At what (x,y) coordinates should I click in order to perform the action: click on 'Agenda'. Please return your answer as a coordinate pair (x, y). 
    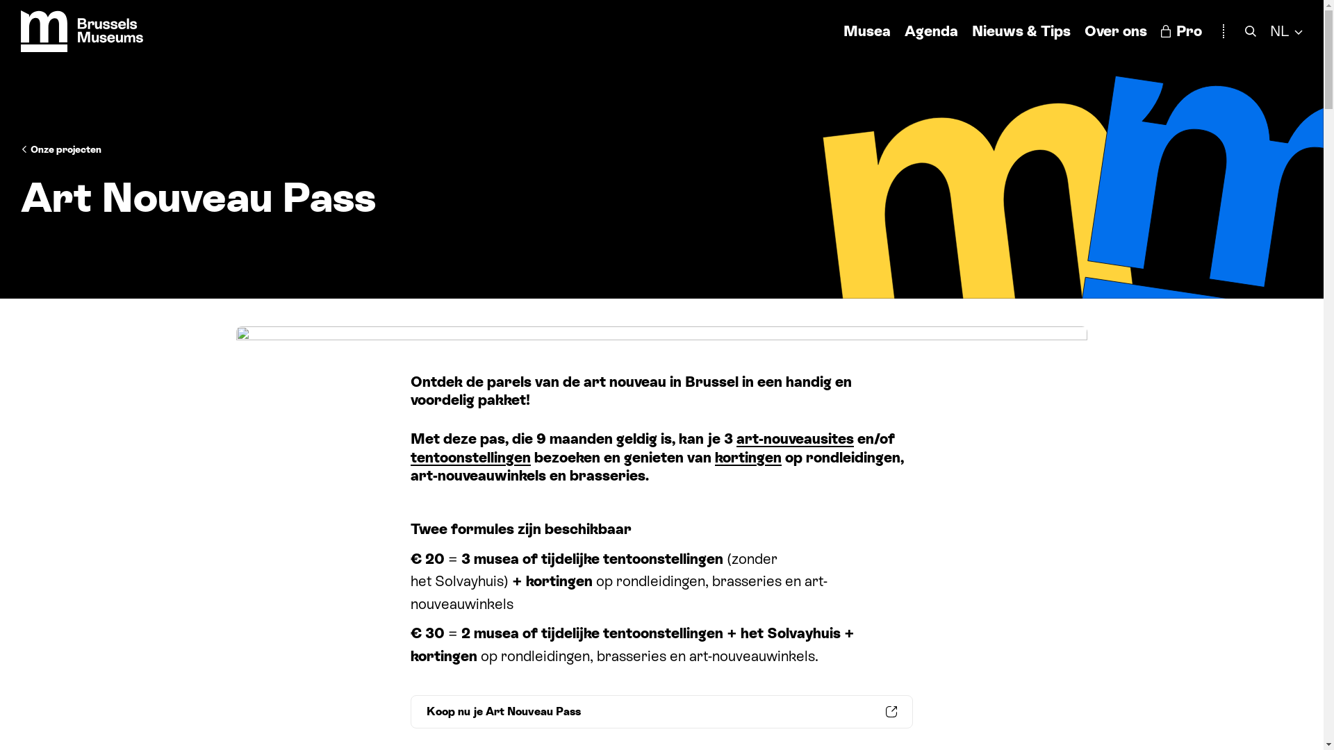
    Looking at the image, I should click on (904, 31).